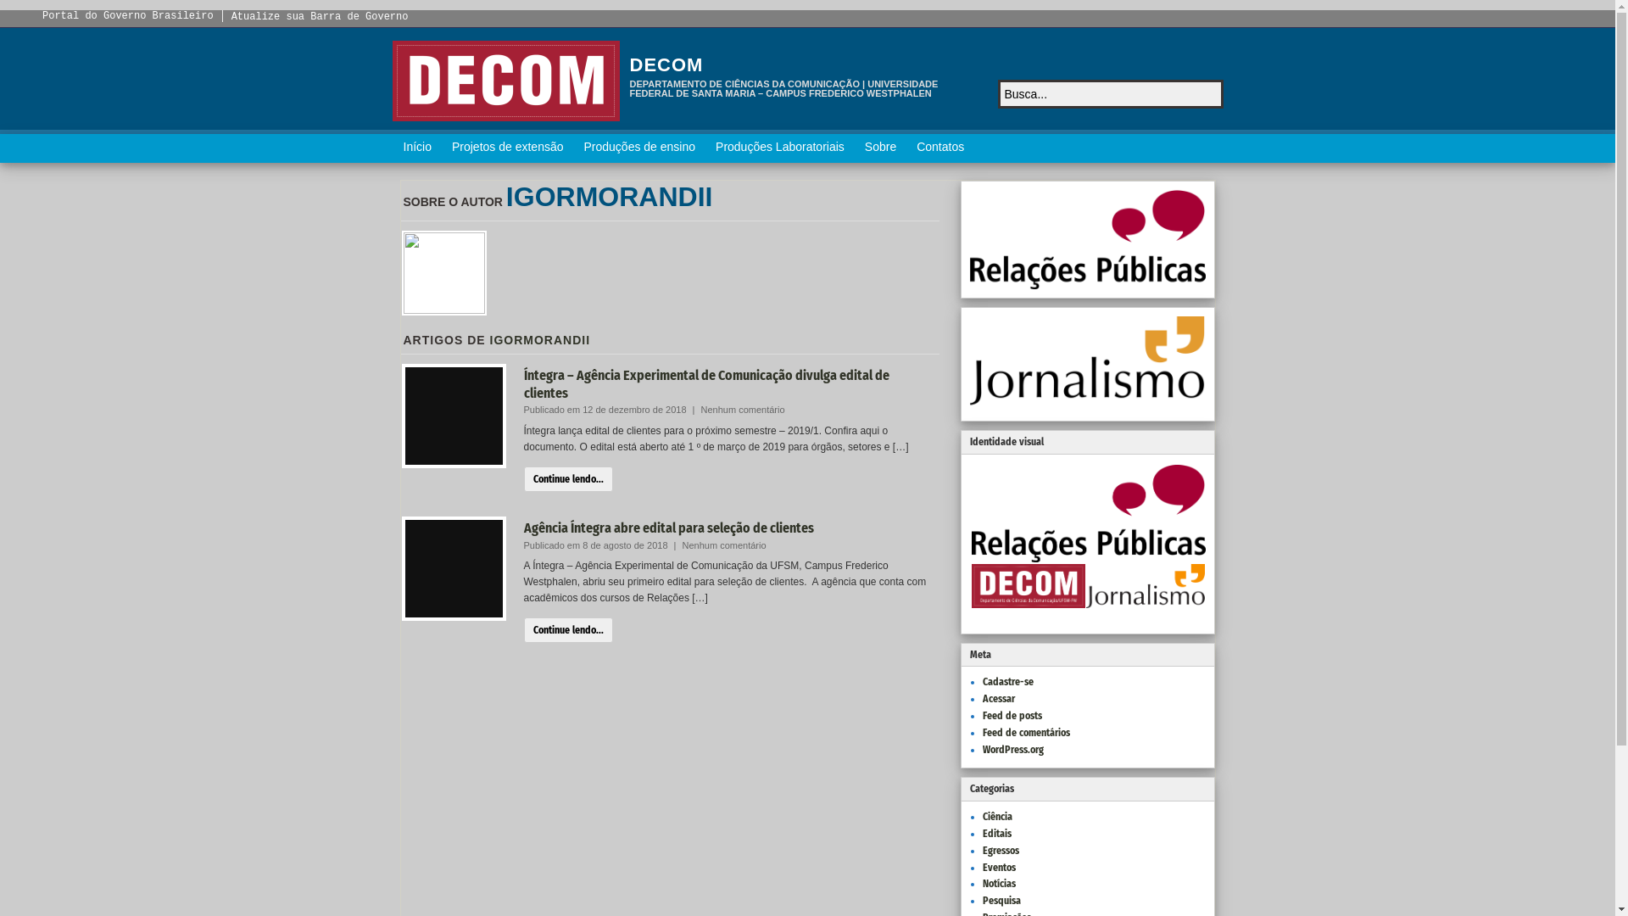  What do you see at coordinates (981, 899) in the screenshot?
I see `'Pesquisa'` at bounding box center [981, 899].